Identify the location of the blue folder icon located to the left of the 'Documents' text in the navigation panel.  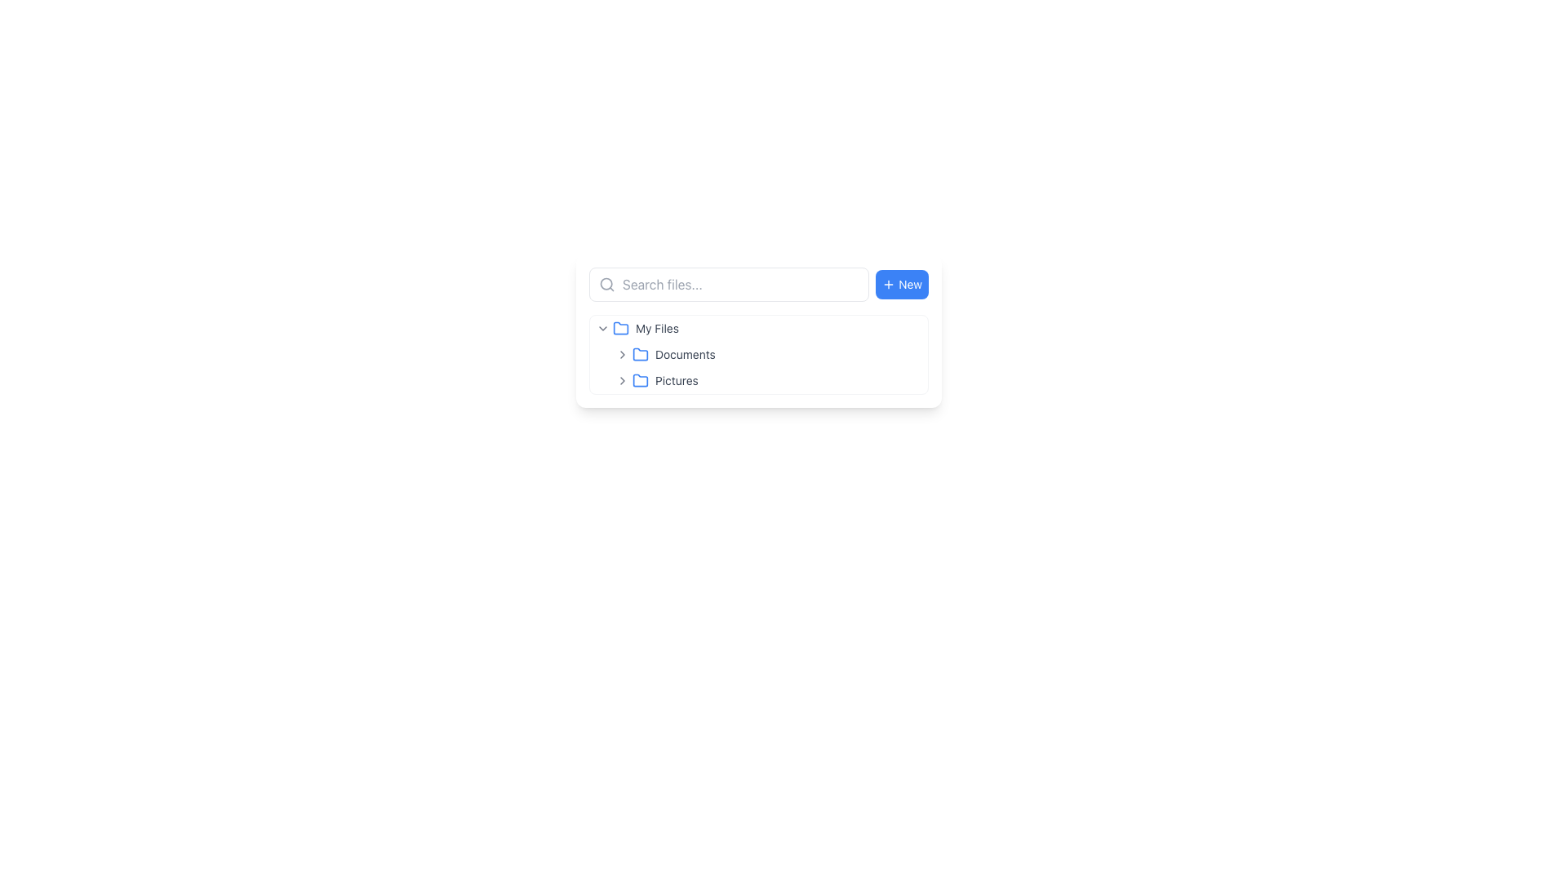
(640, 354).